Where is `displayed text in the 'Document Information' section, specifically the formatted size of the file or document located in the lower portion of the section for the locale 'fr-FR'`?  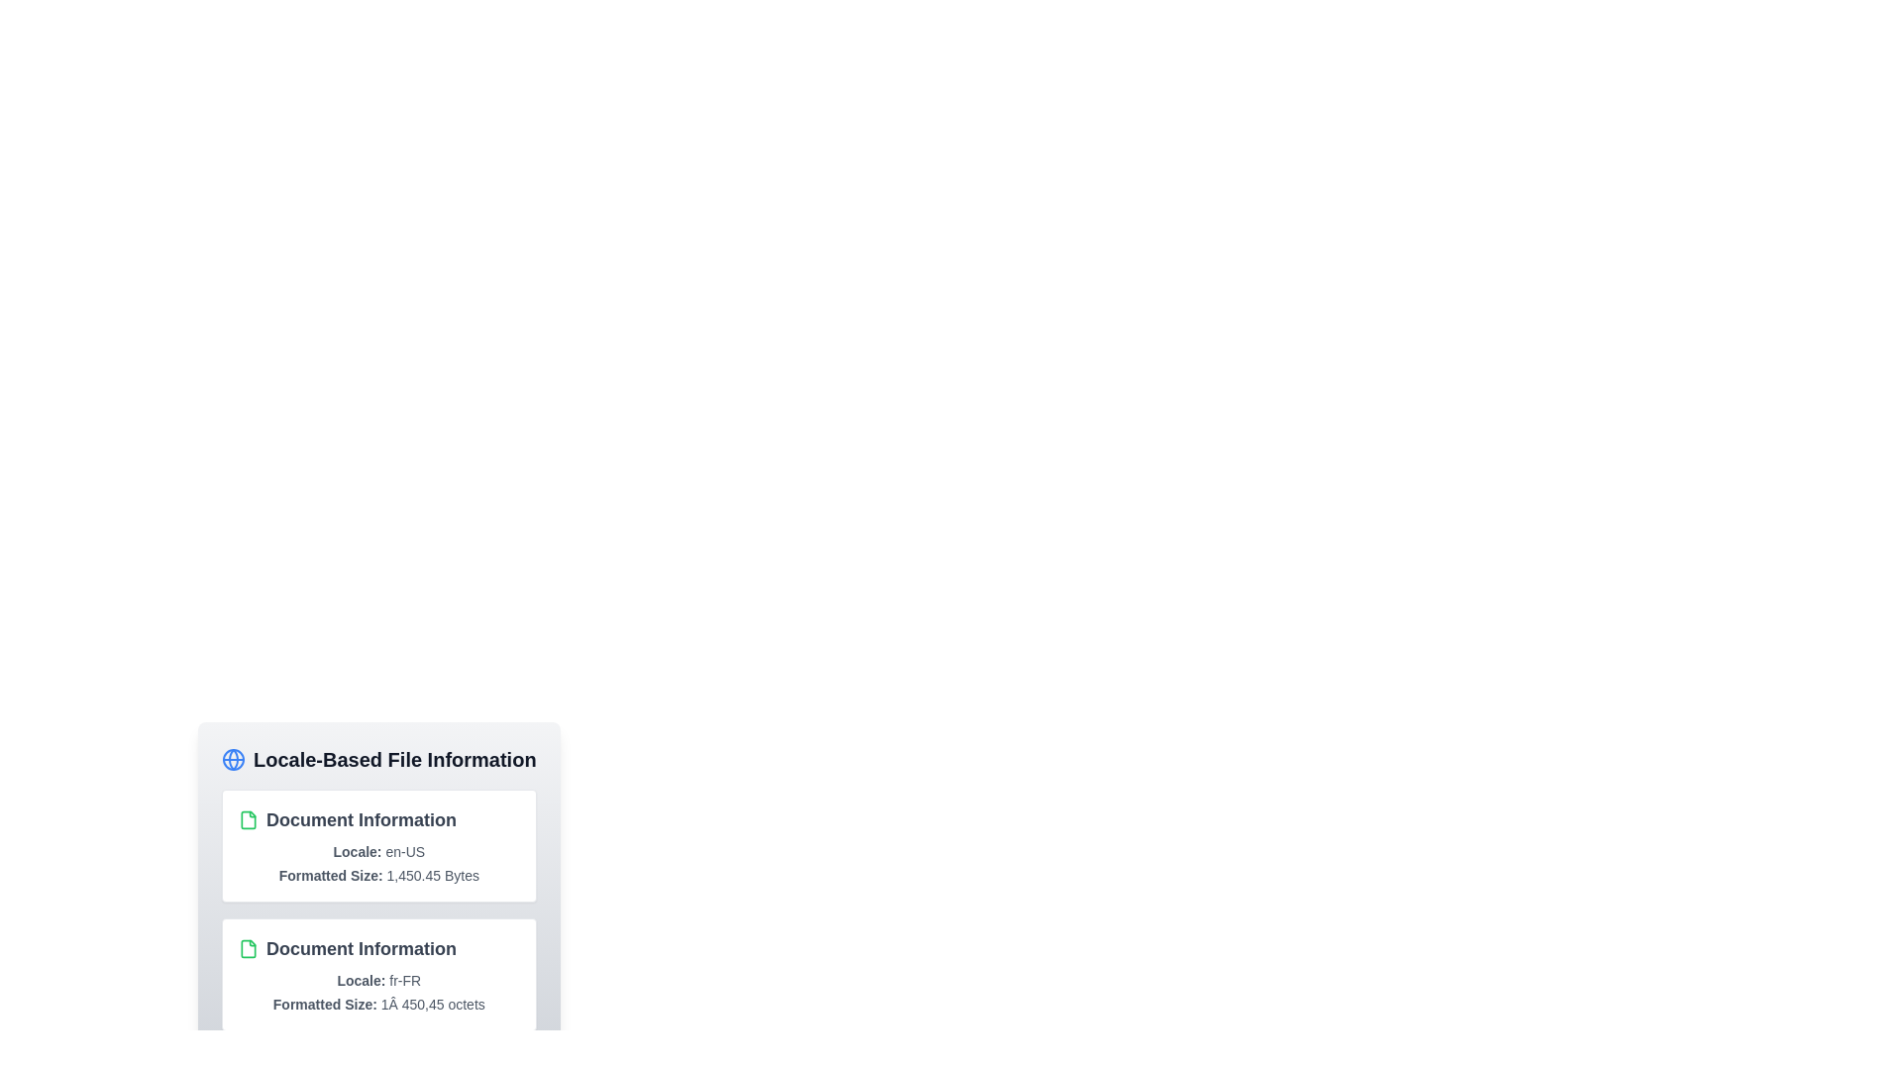 displayed text in the 'Document Information' section, specifically the formatted size of the file or document located in the lower portion of the section for the locale 'fr-FR' is located at coordinates (378, 1005).